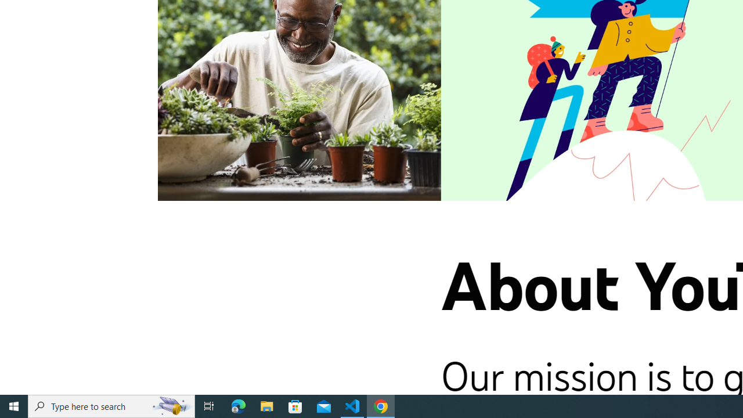 The width and height of the screenshot is (743, 418). Describe the element at coordinates (208, 405) in the screenshot. I see `'Task View'` at that location.